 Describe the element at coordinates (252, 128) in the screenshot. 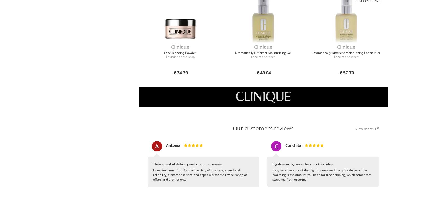

I see `'Our customers'` at that location.